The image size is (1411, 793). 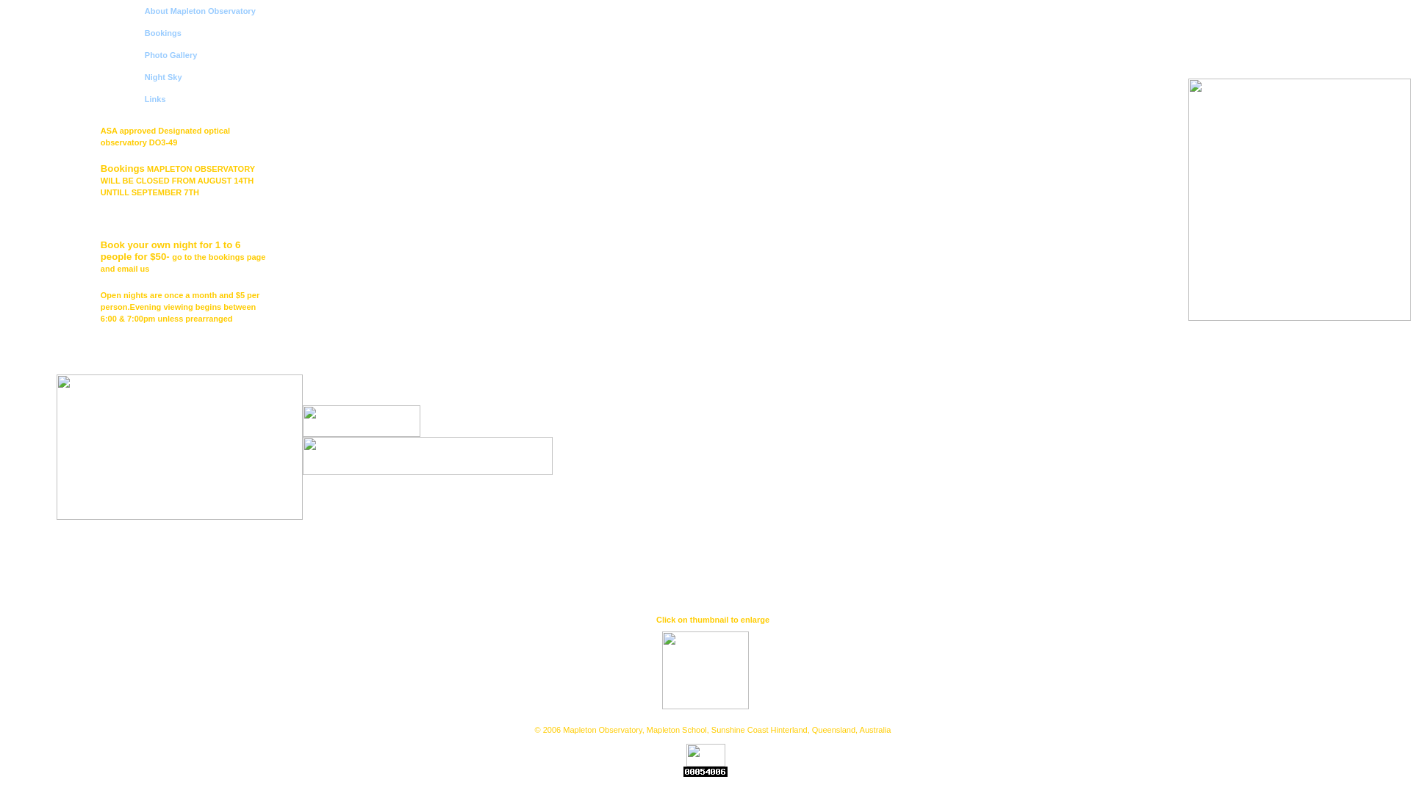 What do you see at coordinates (155, 99) in the screenshot?
I see `'Links'` at bounding box center [155, 99].